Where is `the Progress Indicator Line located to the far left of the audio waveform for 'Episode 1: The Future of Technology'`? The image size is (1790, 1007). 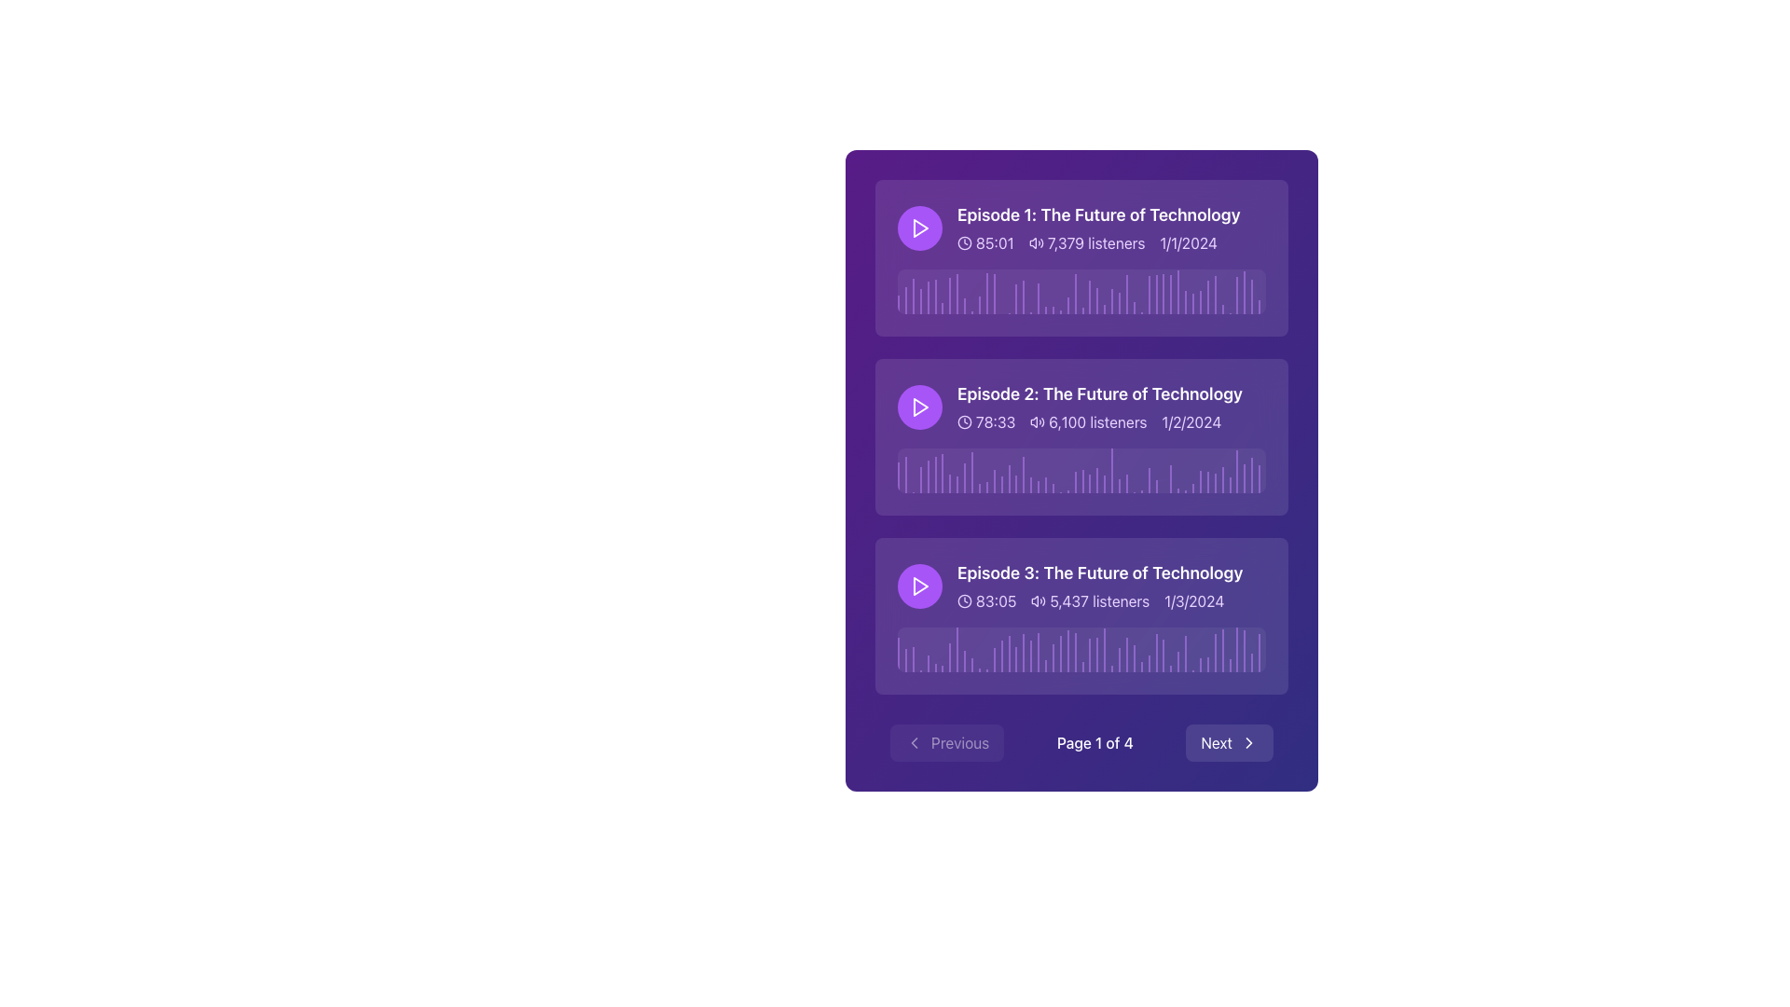
the Progress Indicator Line located to the far left of the audio waveform for 'Episode 1: The Future of Technology' is located at coordinates (899, 304).